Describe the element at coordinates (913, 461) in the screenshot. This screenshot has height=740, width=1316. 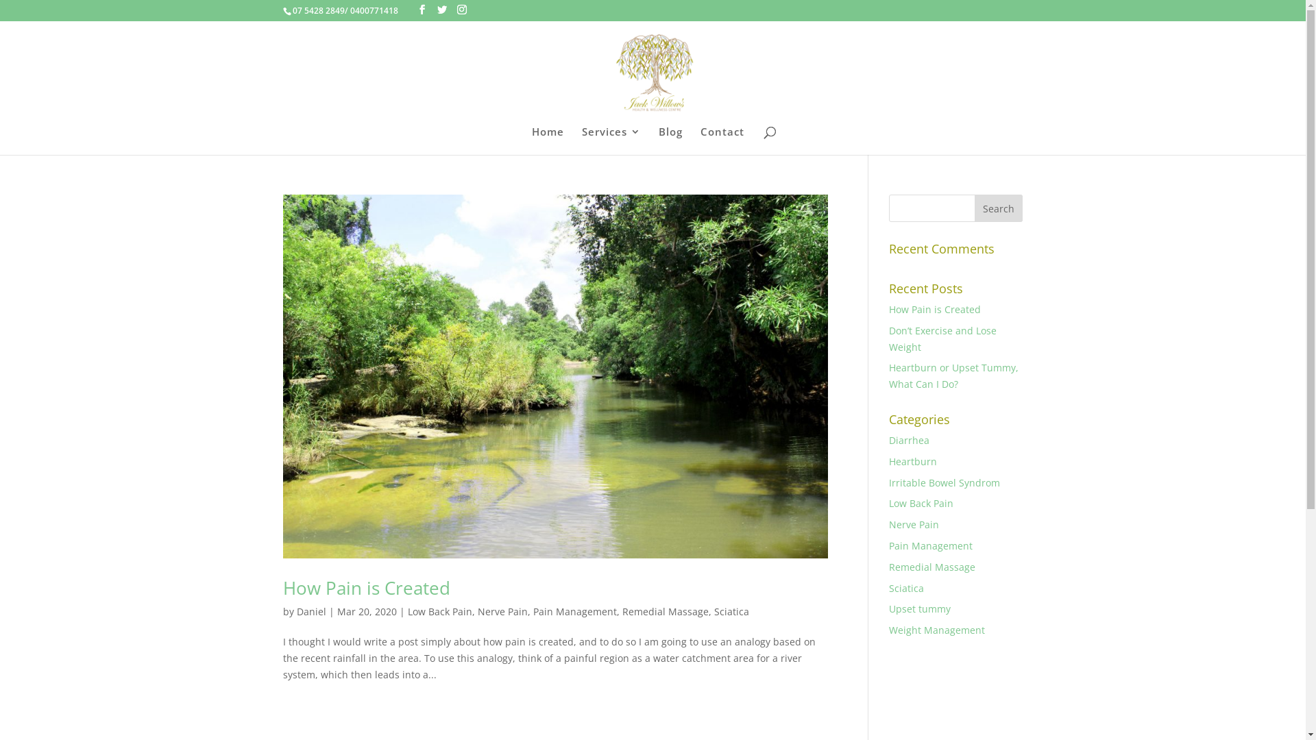
I see `'Heartburn'` at that location.